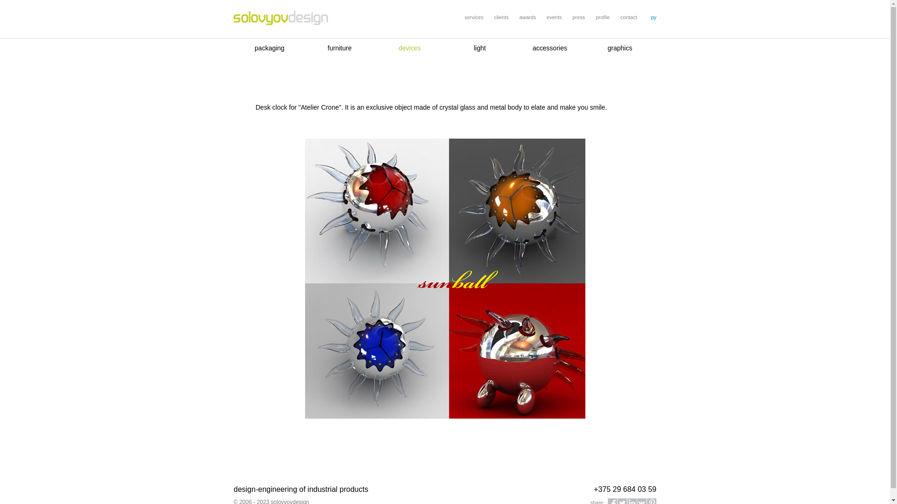  Describe the element at coordinates (554, 17) in the screenshot. I see `'events'` at that location.